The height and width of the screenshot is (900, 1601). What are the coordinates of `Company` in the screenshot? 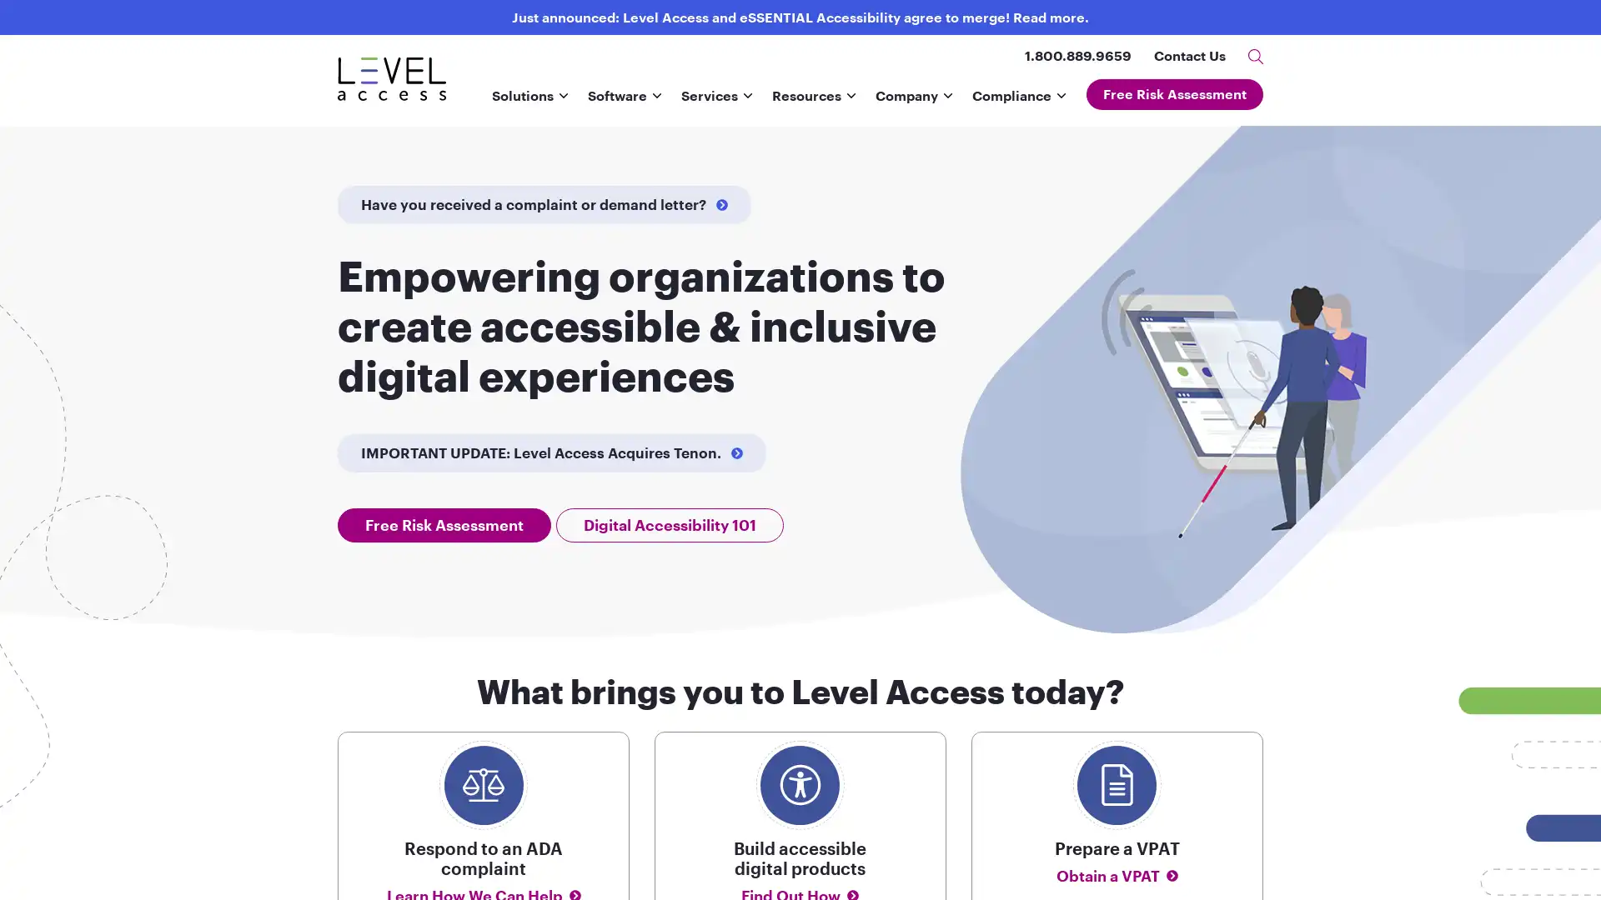 It's located at (912, 102).